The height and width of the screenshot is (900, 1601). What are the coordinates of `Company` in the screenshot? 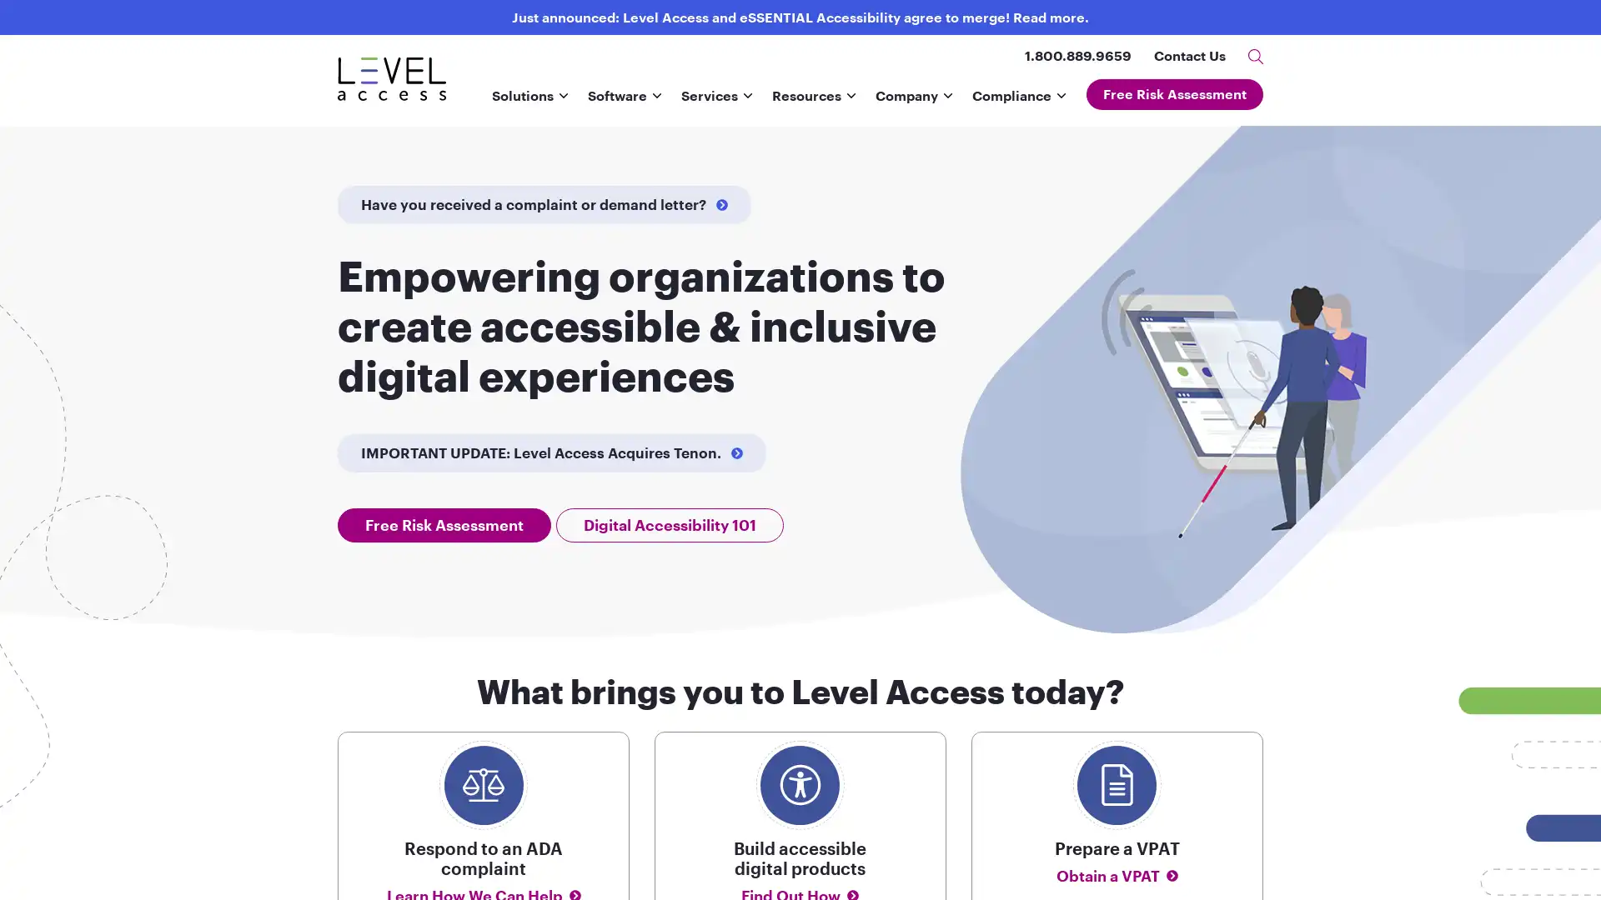 It's located at (912, 102).